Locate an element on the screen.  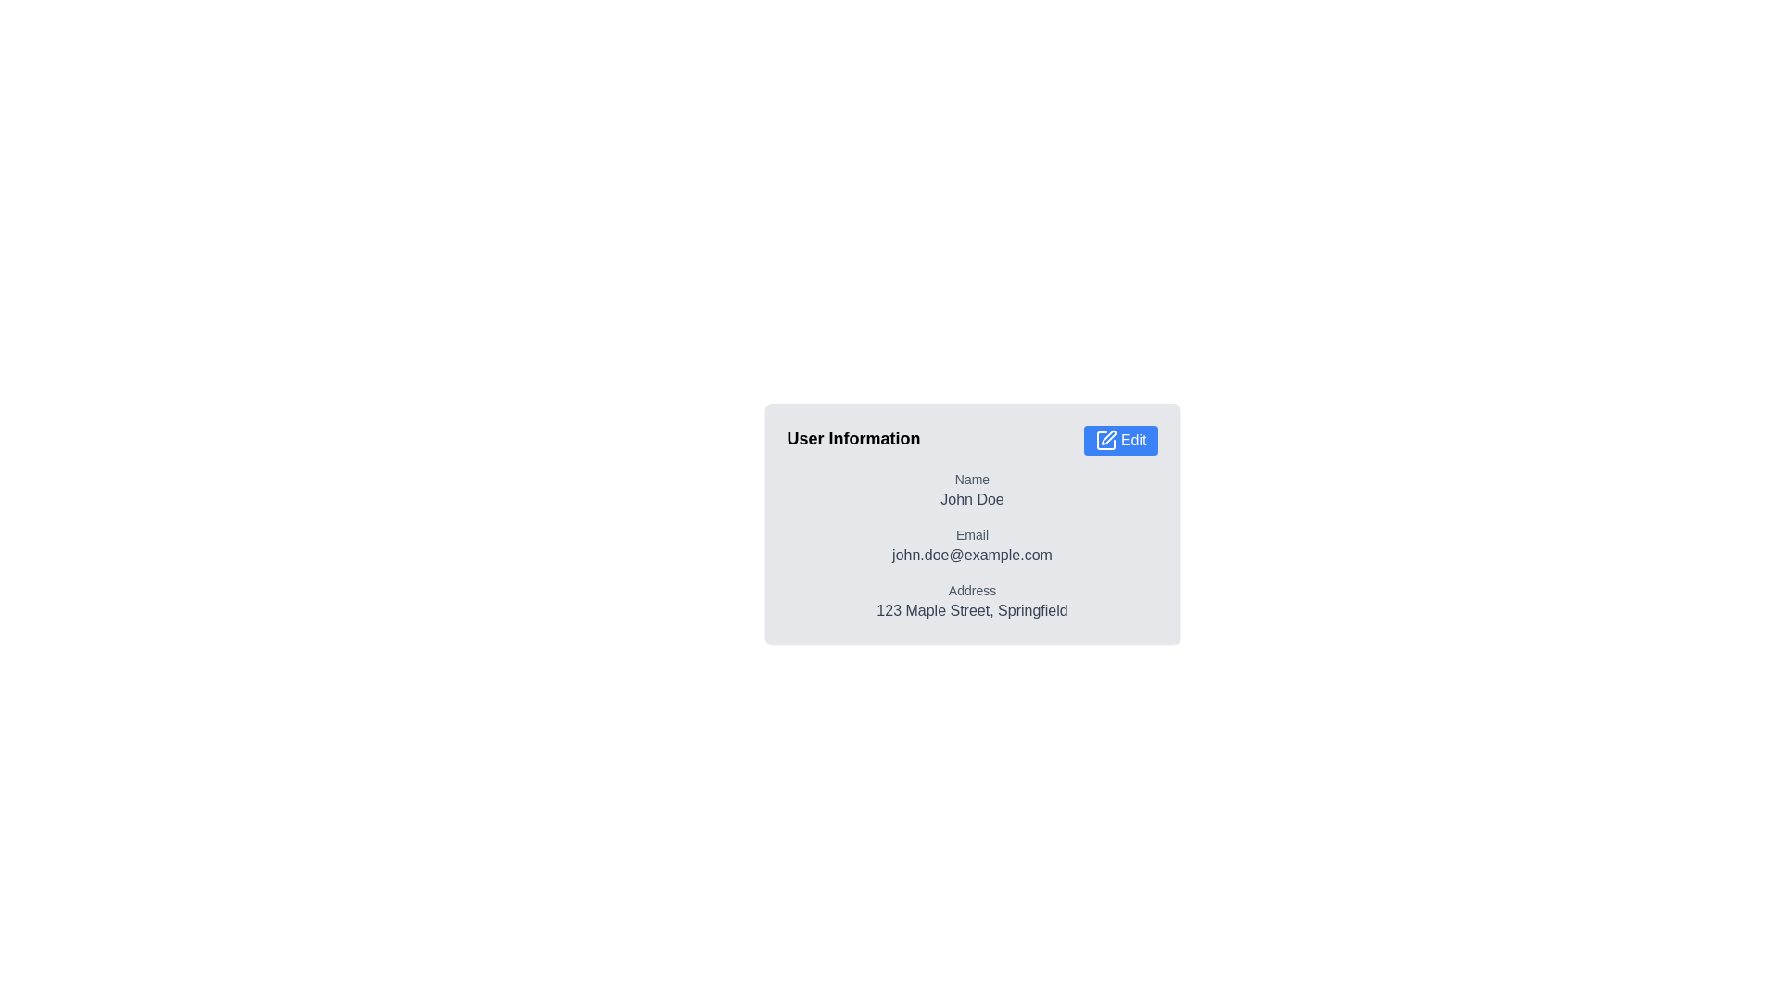
the Text Label displaying the user's address information, located at the bottom of the user information card, following the 'Email' entry is located at coordinates (971, 602).